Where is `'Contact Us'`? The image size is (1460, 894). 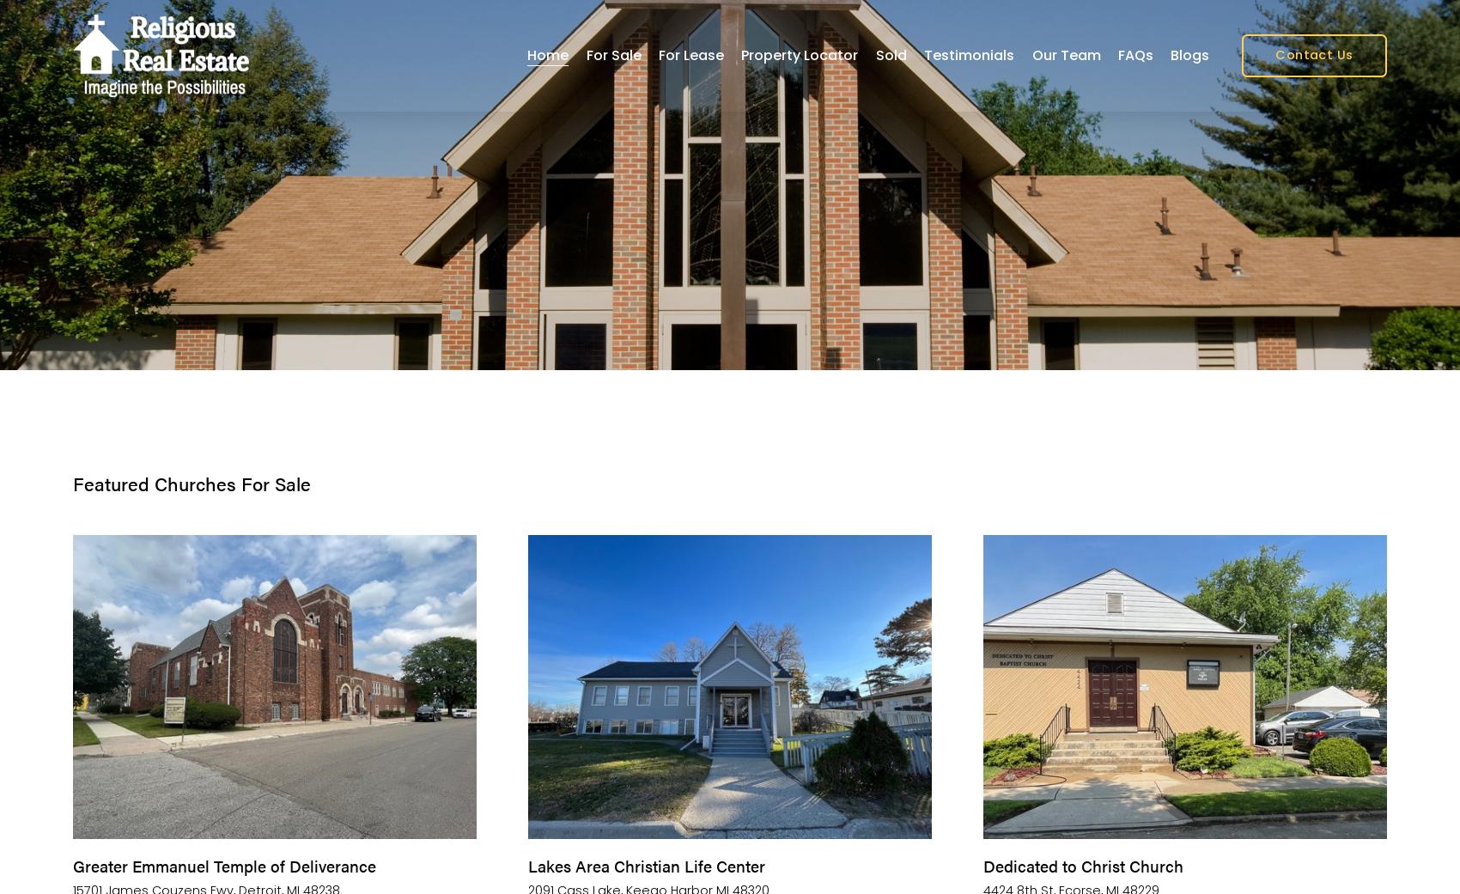
'Contact Us' is located at coordinates (1314, 54).